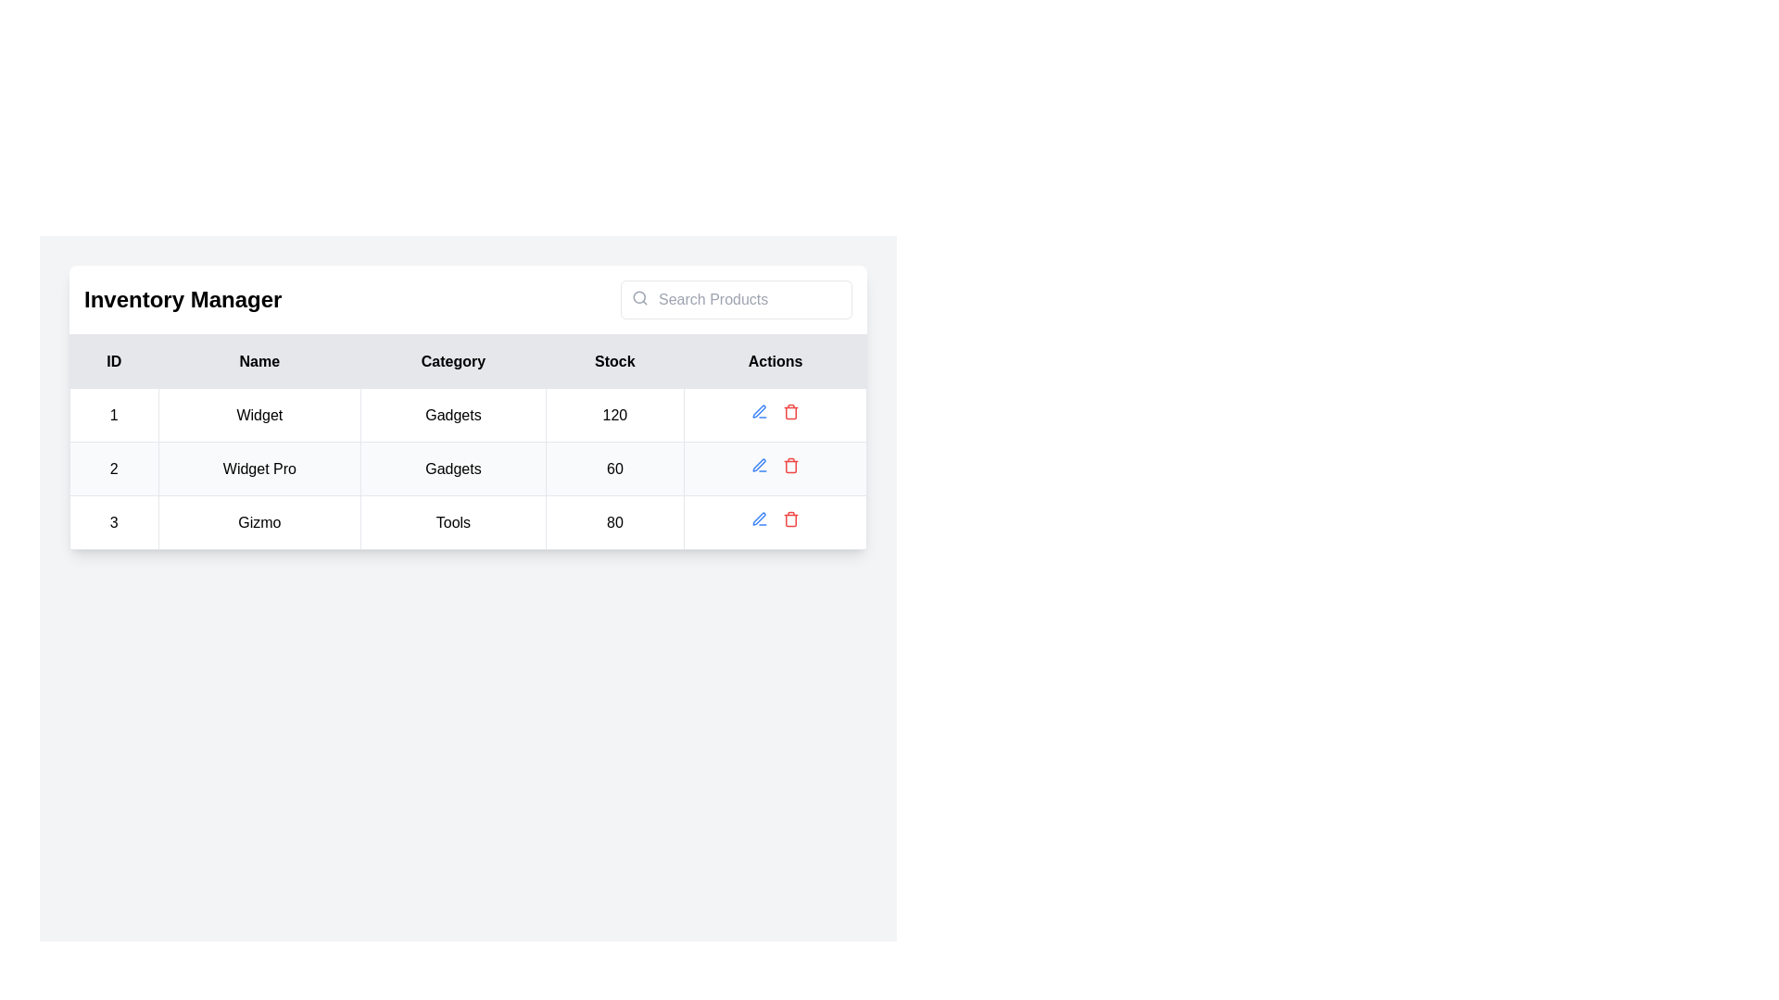 This screenshot has width=1779, height=1000. What do you see at coordinates (468, 468) in the screenshot?
I see `the second row of the inventory table for 'Widget Pro'` at bounding box center [468, 468].